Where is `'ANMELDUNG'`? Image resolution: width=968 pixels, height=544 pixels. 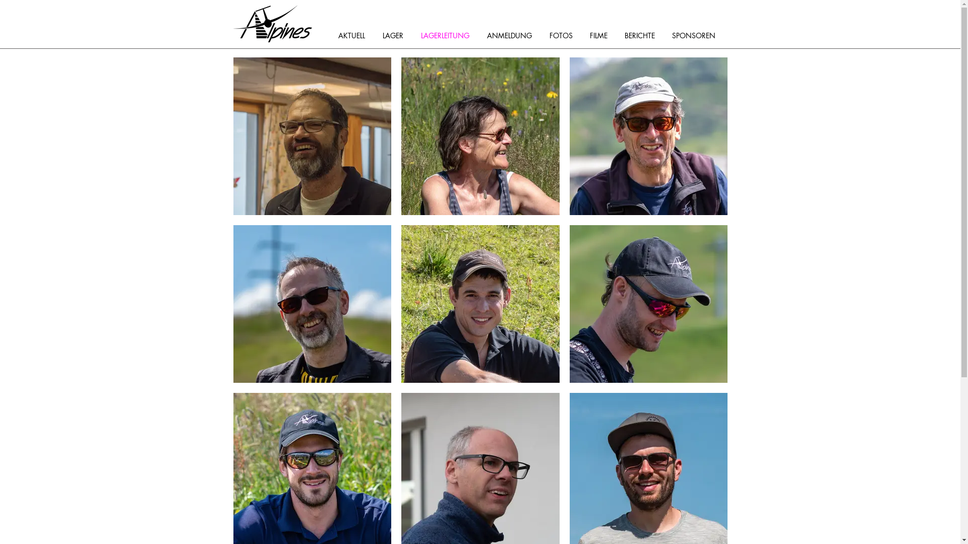 'ANMELDUNG' is located at coordinates (513, 35).